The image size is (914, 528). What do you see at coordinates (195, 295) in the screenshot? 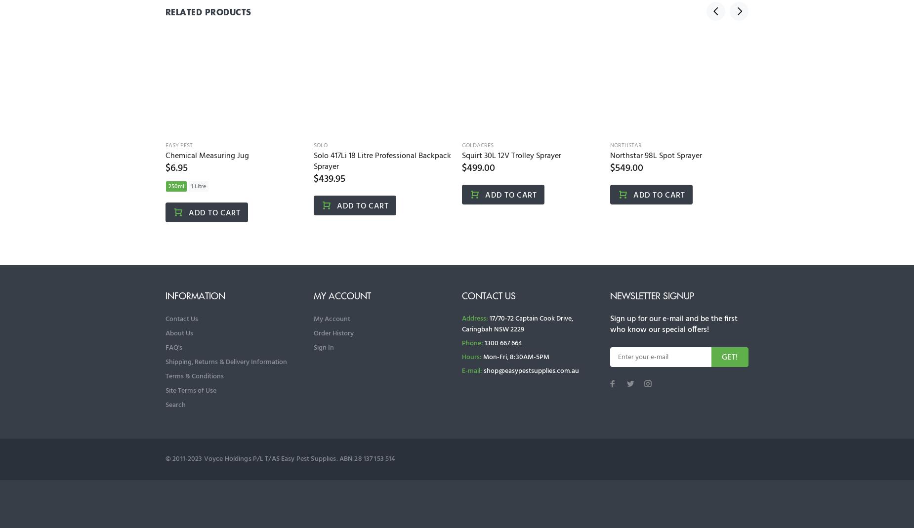
I see `'INFORMATION'` at bounding box center [195, 295].